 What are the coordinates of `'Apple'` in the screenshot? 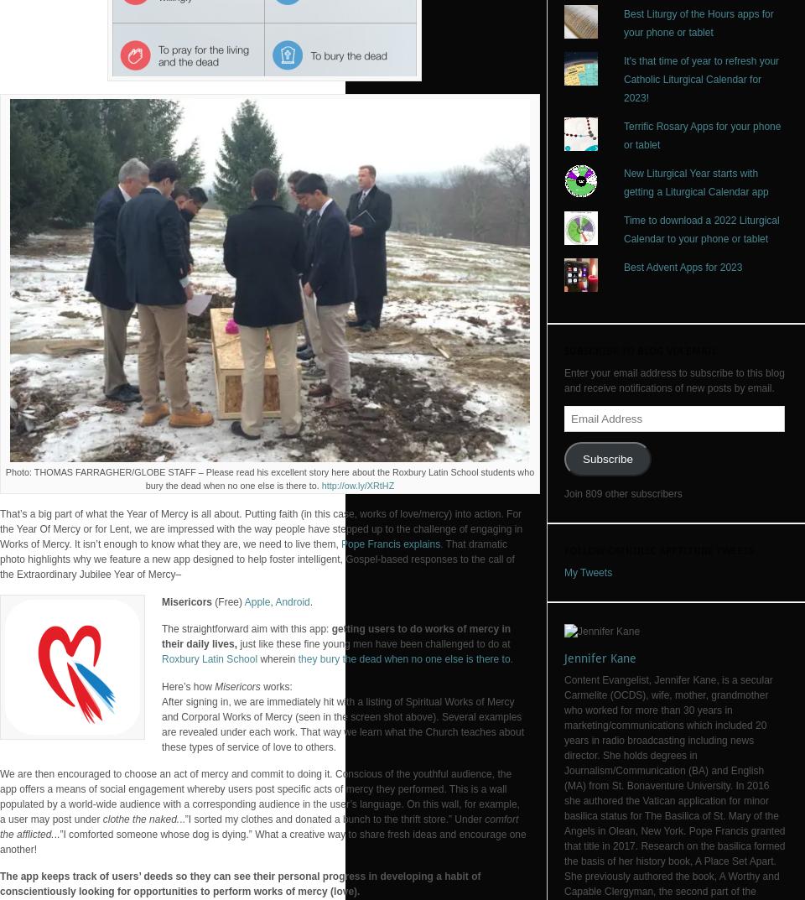 It's located at (257, 600).